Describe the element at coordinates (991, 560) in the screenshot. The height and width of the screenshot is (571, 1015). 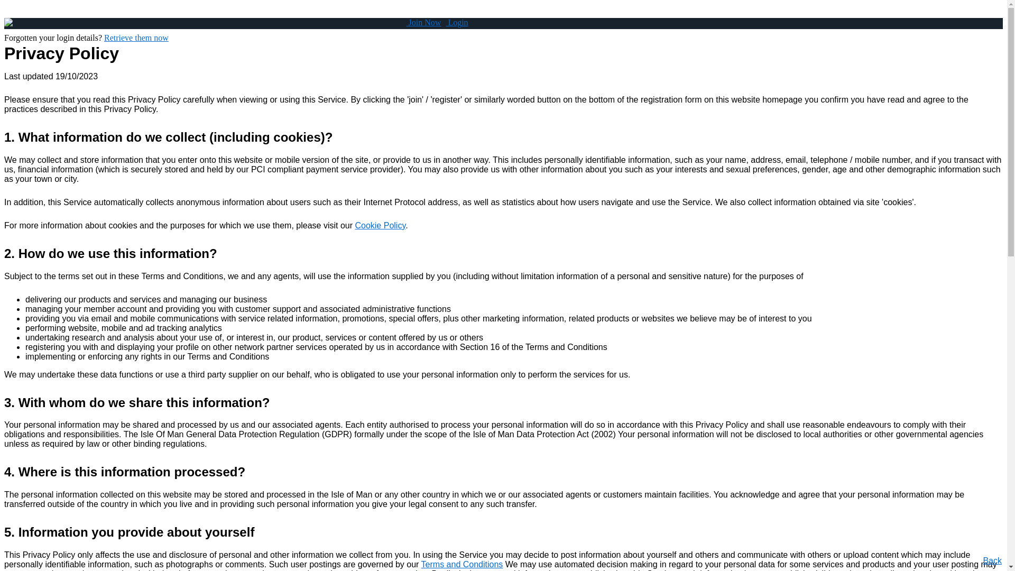
I see `'Back'` at that location.